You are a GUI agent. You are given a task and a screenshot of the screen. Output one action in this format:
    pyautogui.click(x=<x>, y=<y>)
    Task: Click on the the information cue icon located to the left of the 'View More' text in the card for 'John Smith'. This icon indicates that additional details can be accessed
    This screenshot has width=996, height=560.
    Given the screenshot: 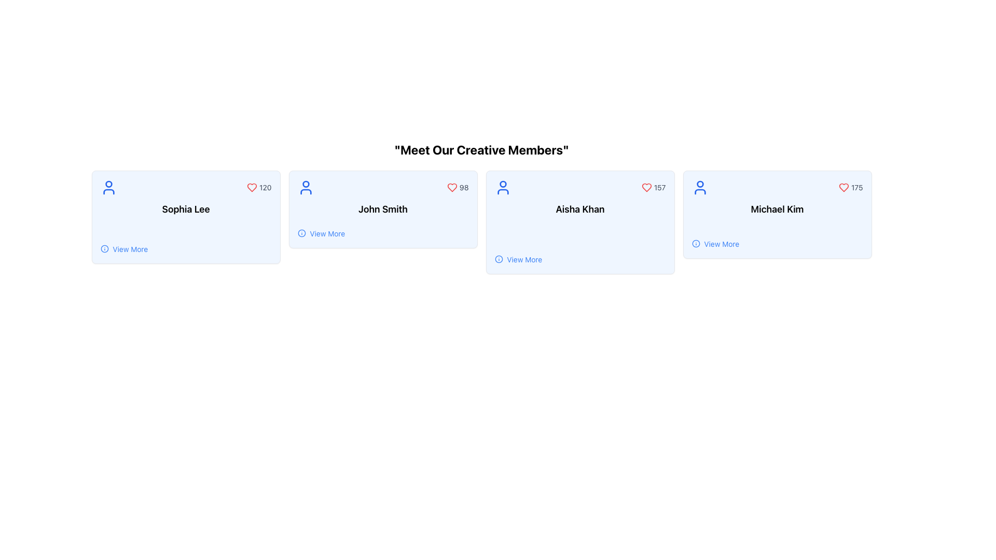 What is the action you would take?
    pyautogui.click(x=301, y=233)
    